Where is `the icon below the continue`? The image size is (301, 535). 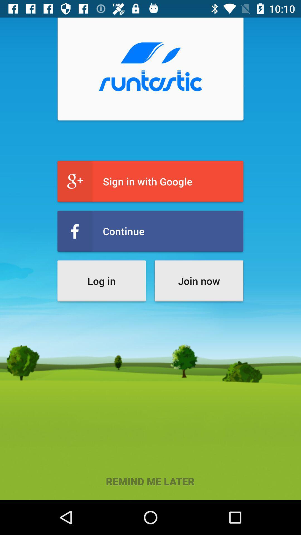
the icon below the continue is located at coordinates (101, 281).